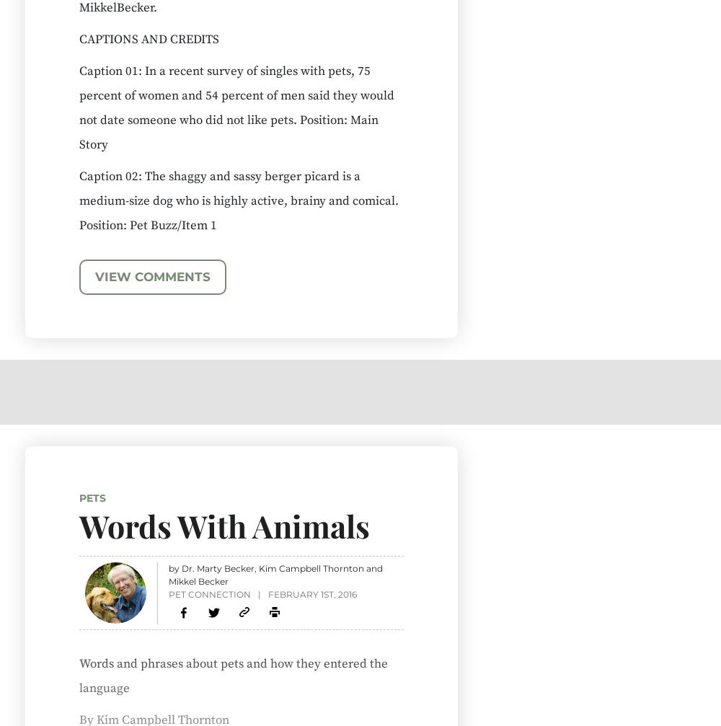 This screenshot has height=726, width=721. I want to click on 'Caption 02: The shaggy and sassy berger picard is a medium-size dog who is highly active, brainy and comical.  Position: Pet Buzz/Item 1', so click(238, 200).